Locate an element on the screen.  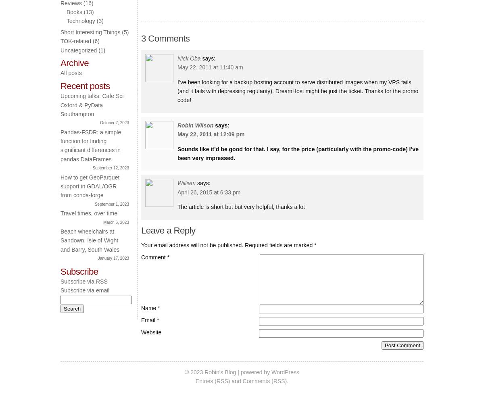
'(3)' is located at coordinates (98, 21).